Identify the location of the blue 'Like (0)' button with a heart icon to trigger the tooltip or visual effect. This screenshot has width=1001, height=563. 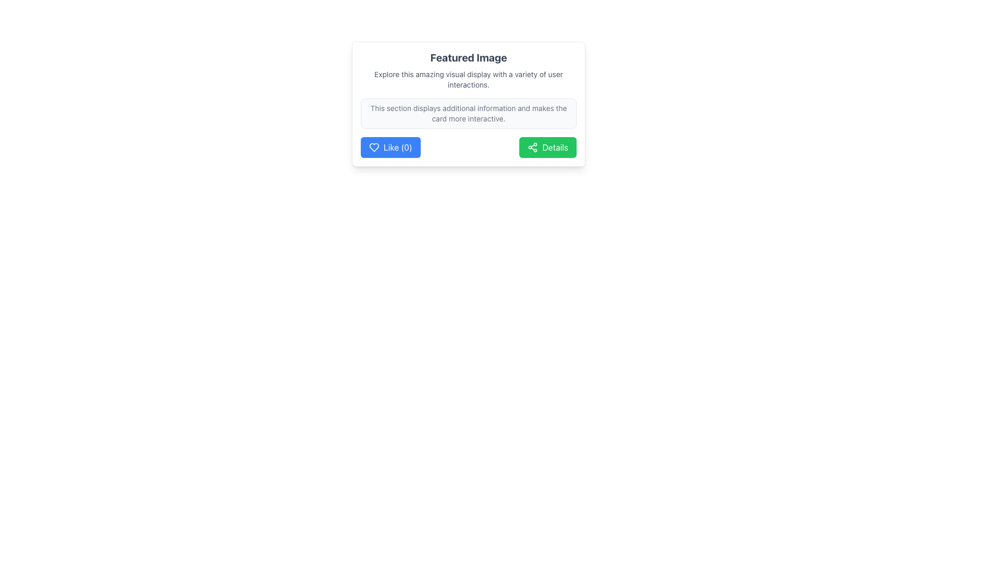
(390, 147).